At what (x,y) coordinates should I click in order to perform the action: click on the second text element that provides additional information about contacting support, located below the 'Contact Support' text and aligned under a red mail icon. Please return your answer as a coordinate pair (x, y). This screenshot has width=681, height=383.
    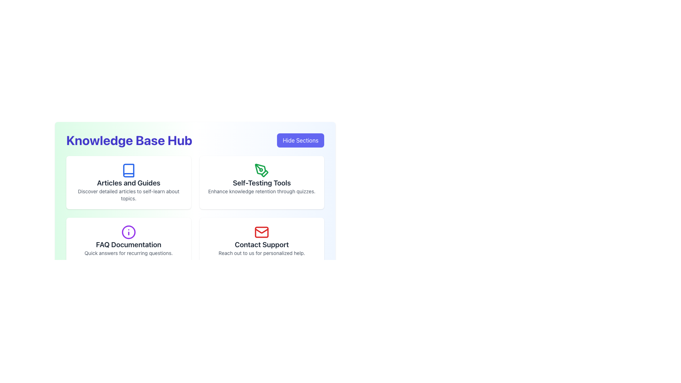
    Looking at the image, I should click on (261, 252).